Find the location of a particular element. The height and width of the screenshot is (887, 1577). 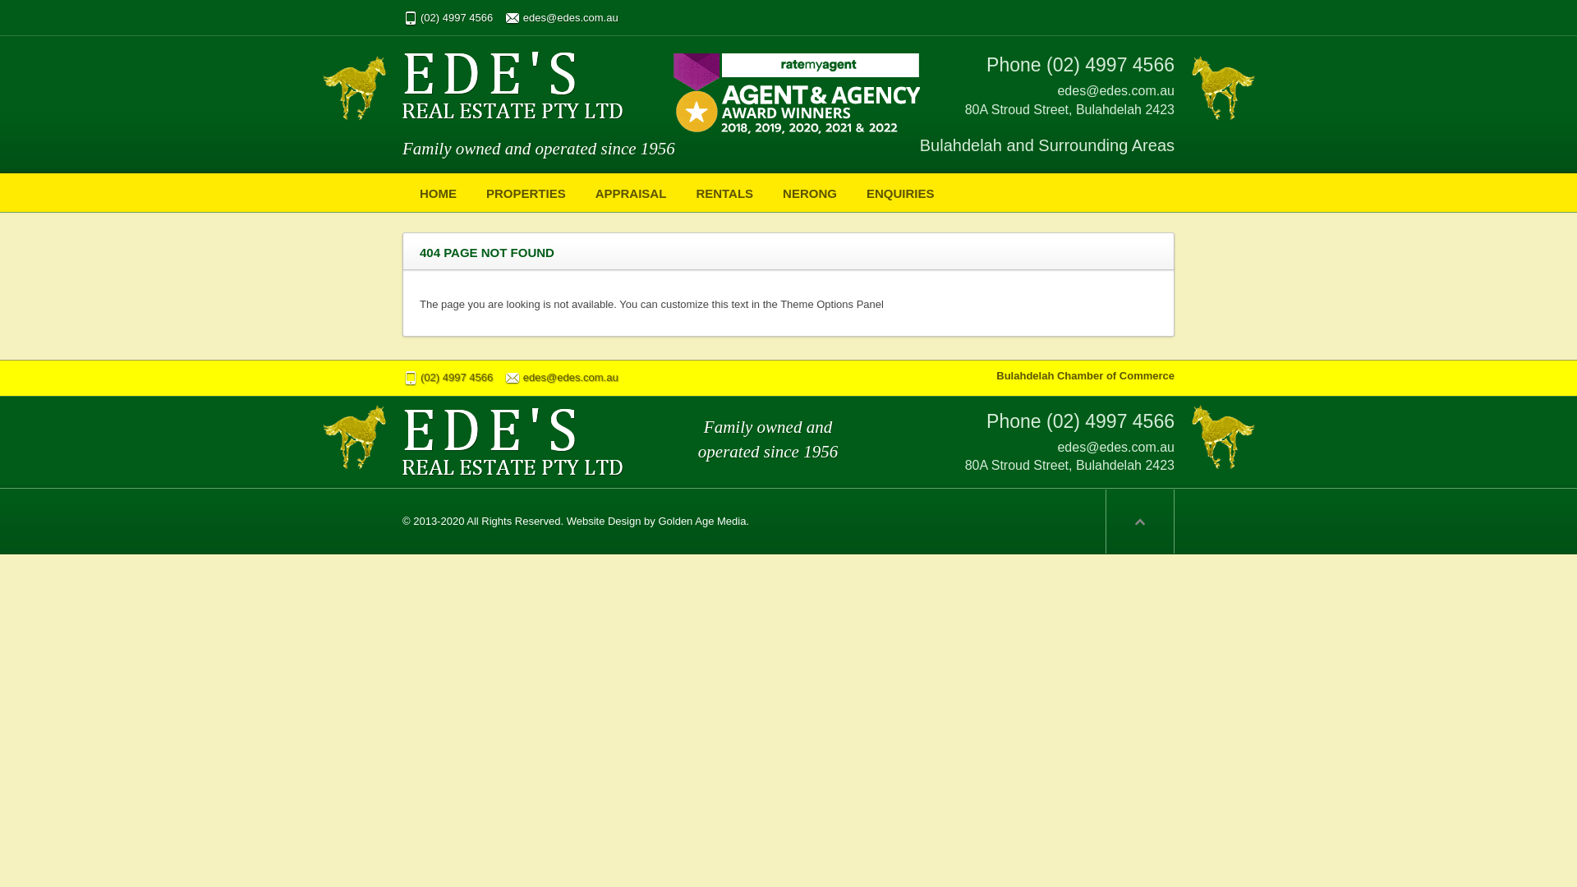

'NERONG' is located at coordinates (809, 191).